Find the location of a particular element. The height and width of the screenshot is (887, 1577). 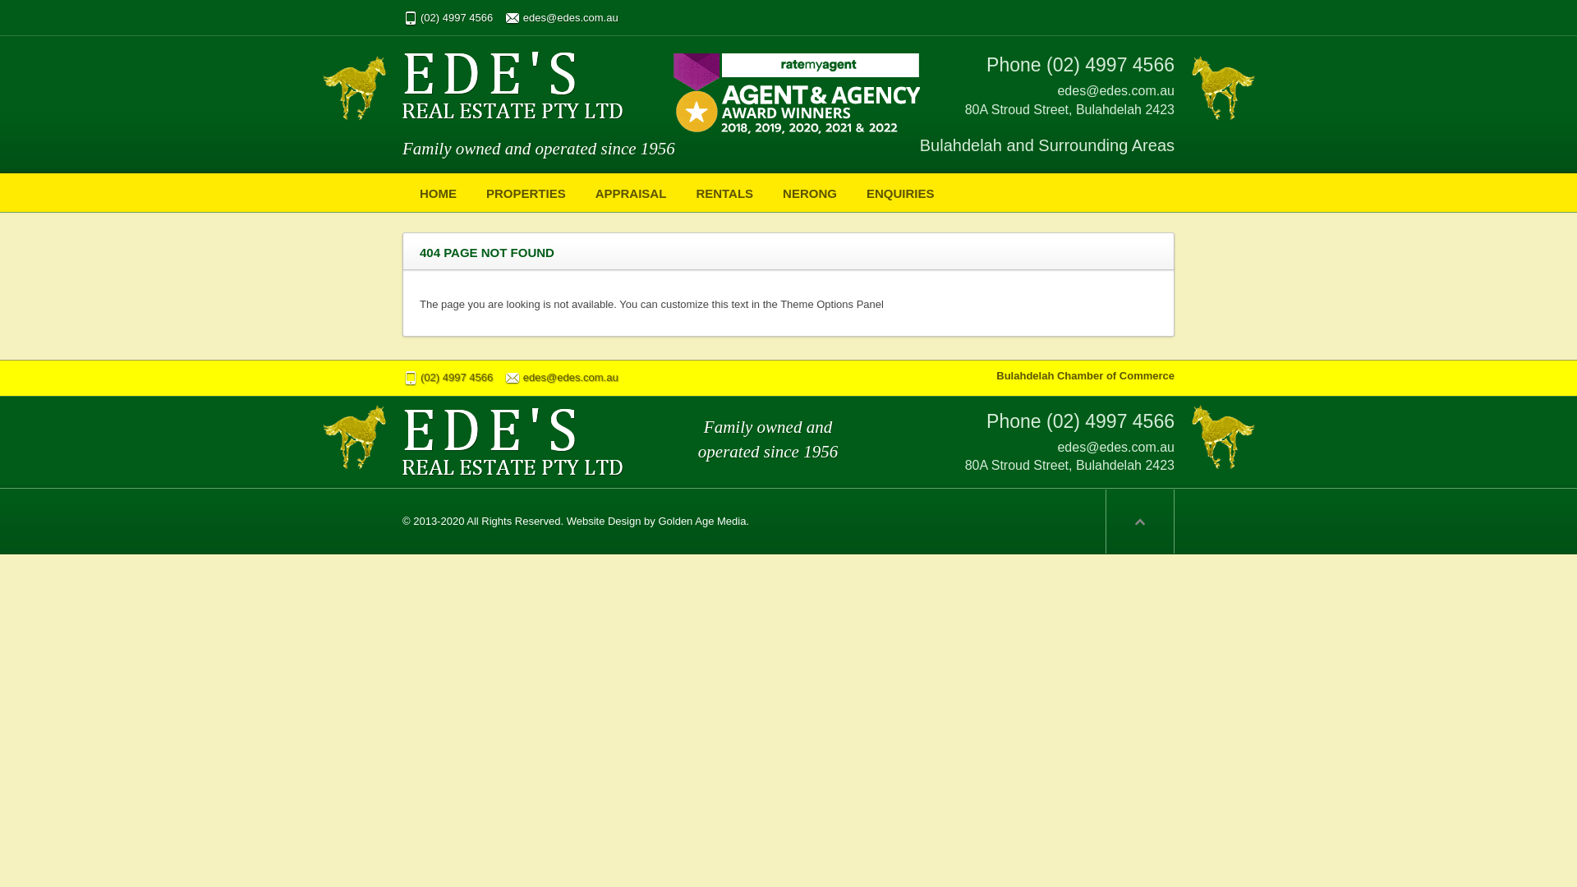

'NERONG' is located at coordinates (809, 191).